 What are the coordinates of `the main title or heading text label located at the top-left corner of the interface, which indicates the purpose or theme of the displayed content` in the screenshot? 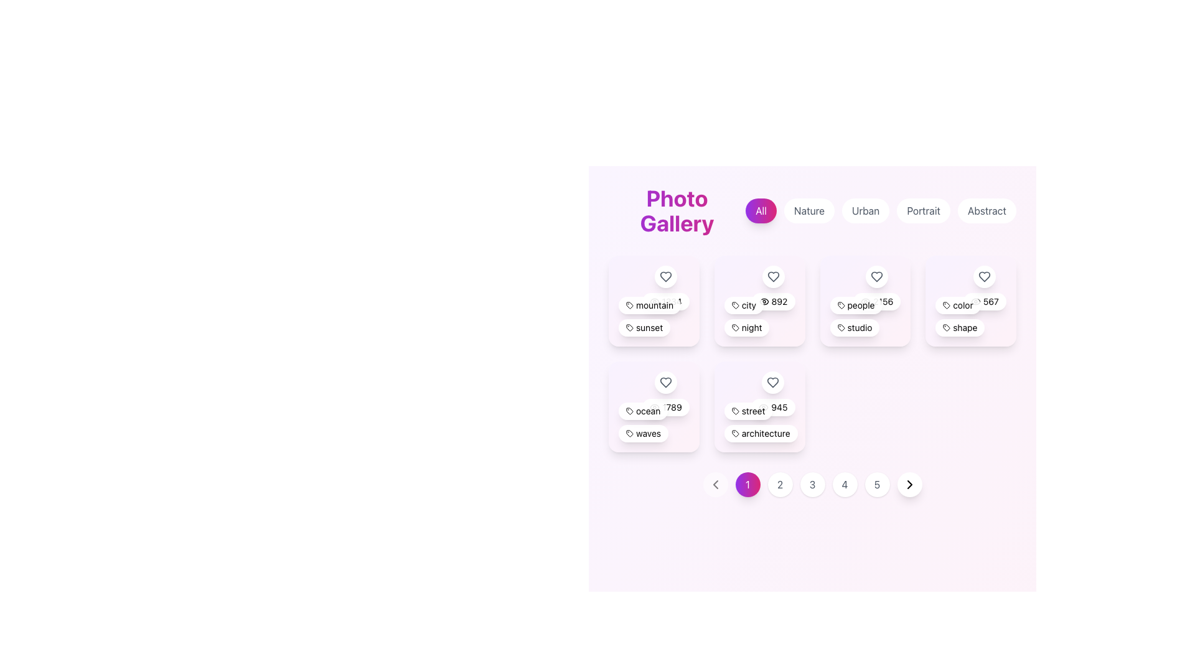 It's located at (677, 210).